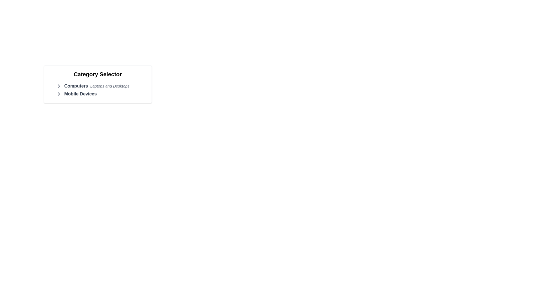 The width and height of the screenshot is (540, 304). What do you see at coordinates (101, 94) in the screenshot?
I see `the 'Mobile Devices' text label` at bounding box center [101, 94].